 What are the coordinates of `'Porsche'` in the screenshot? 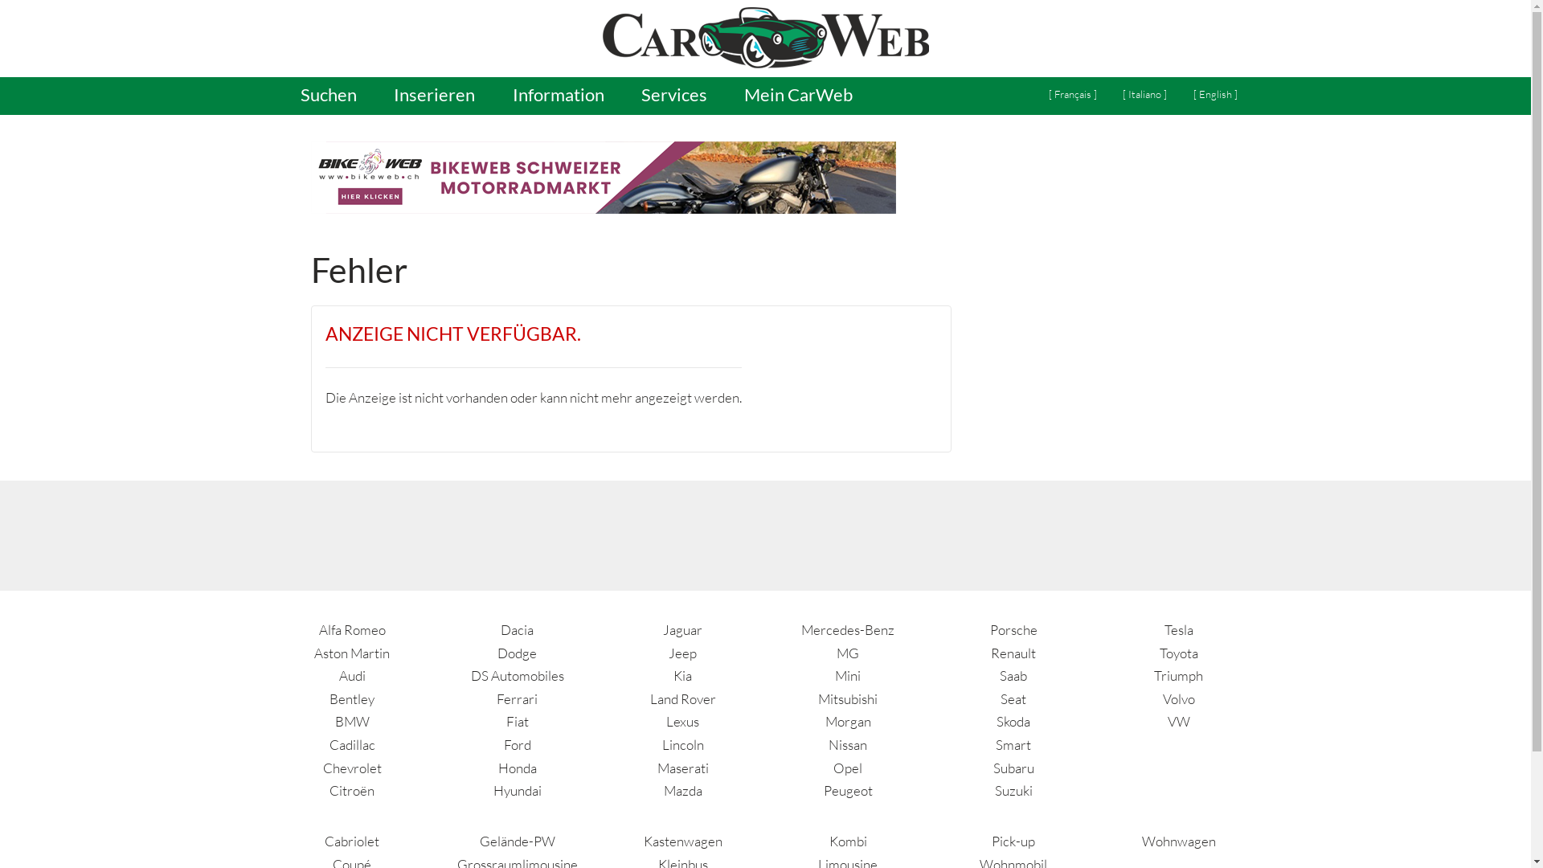 It's located at (1013, 628).